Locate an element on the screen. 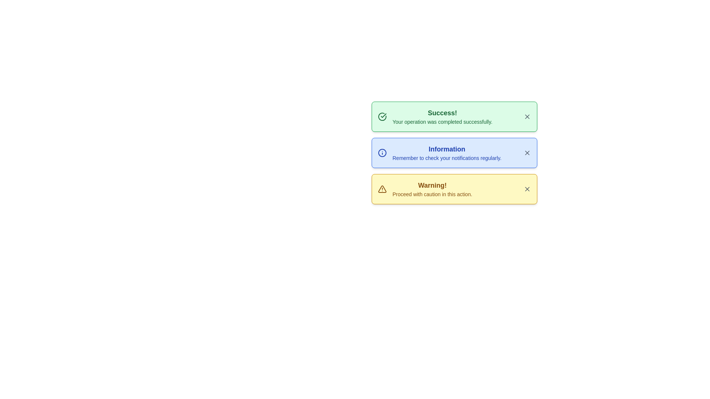 The height and width of the screenshot is (399, 710). informational content displayed in the second notification from the top, which is located between a green 'Success!' notification and a yellow 'Warning!' notification is located at coordinates (446, 152).